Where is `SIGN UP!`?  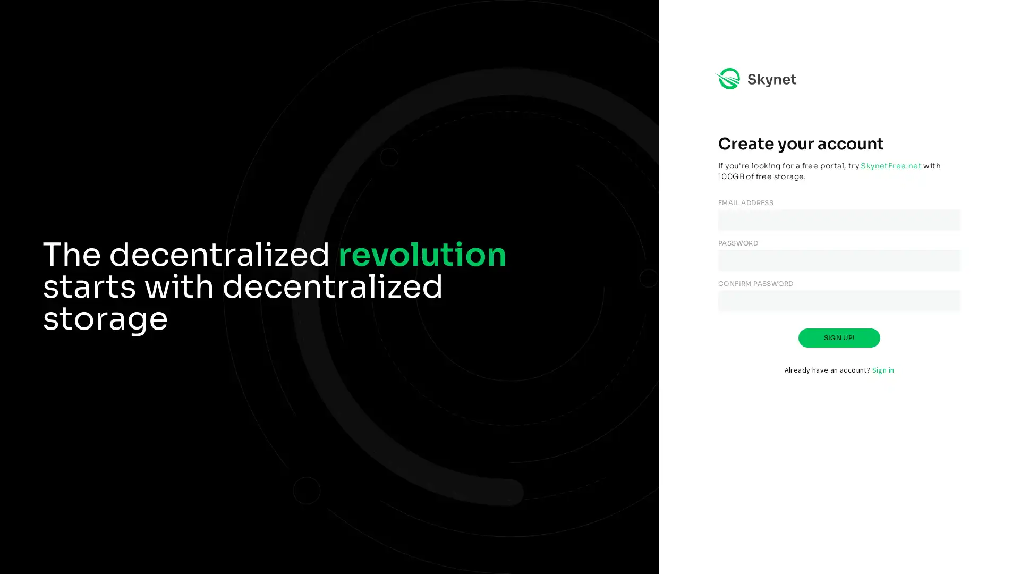 SIGN UP! is located at coordinates (838, 338).